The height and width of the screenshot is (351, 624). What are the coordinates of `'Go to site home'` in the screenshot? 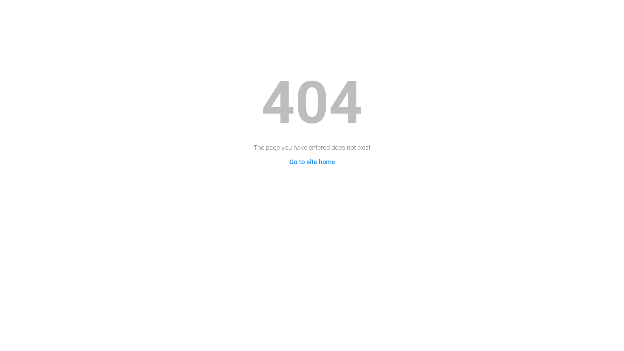 It's located at (312, 161).